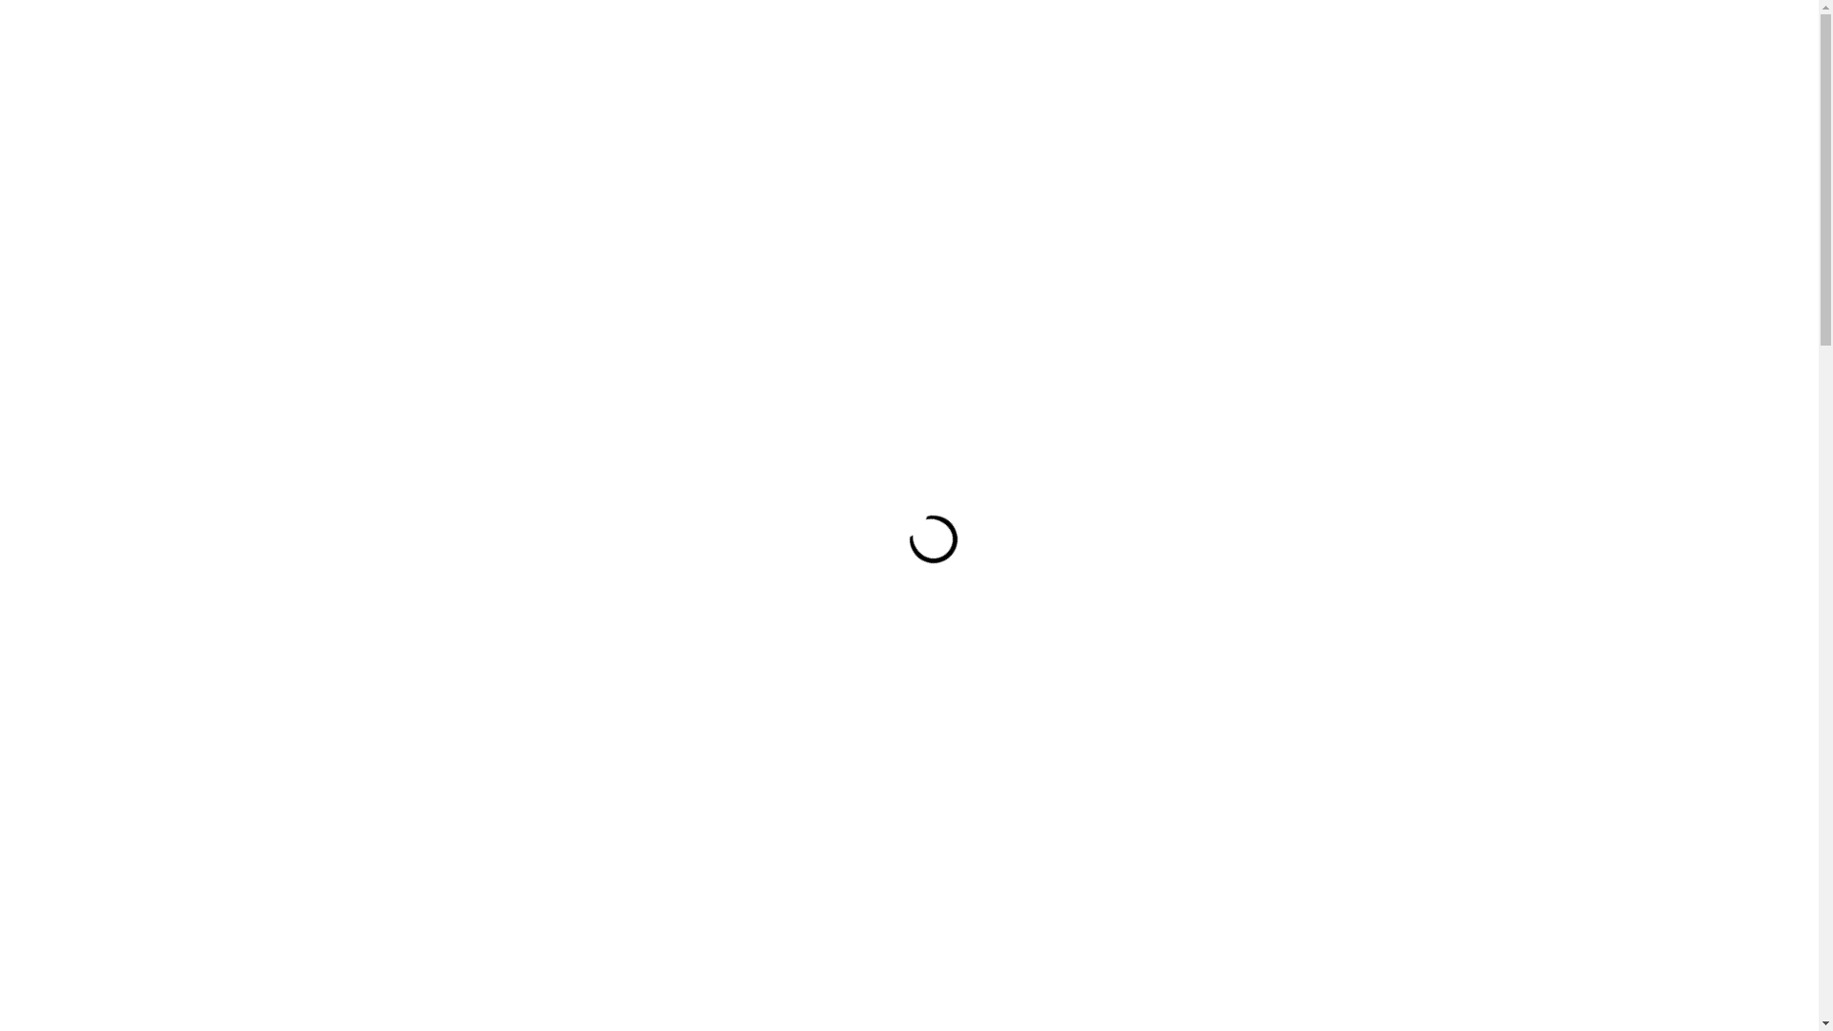  What do you see at coordinates (753, 138) in the screenshot?
I see `'outdoor'` at bounding box center [753, 138].